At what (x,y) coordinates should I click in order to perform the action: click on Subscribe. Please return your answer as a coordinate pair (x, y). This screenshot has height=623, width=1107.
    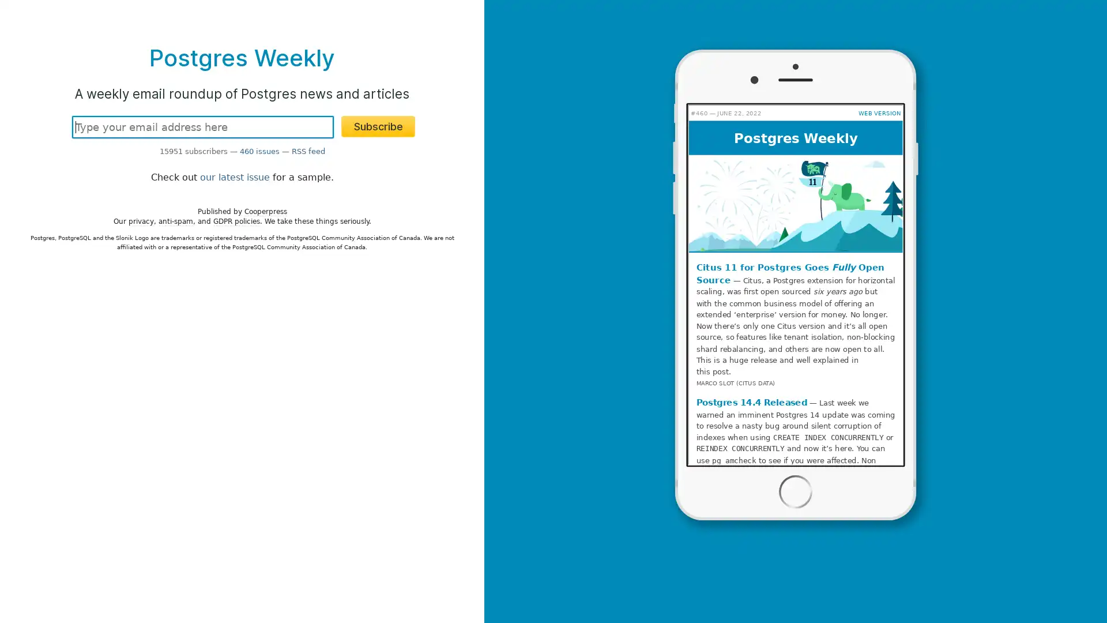
    Looking at the image, I should click on (378, 126).